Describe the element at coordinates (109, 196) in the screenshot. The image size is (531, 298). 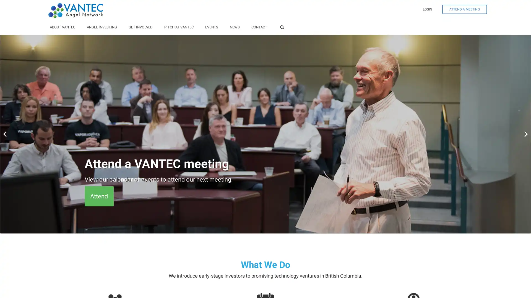
I see `Find Out More` at that location.